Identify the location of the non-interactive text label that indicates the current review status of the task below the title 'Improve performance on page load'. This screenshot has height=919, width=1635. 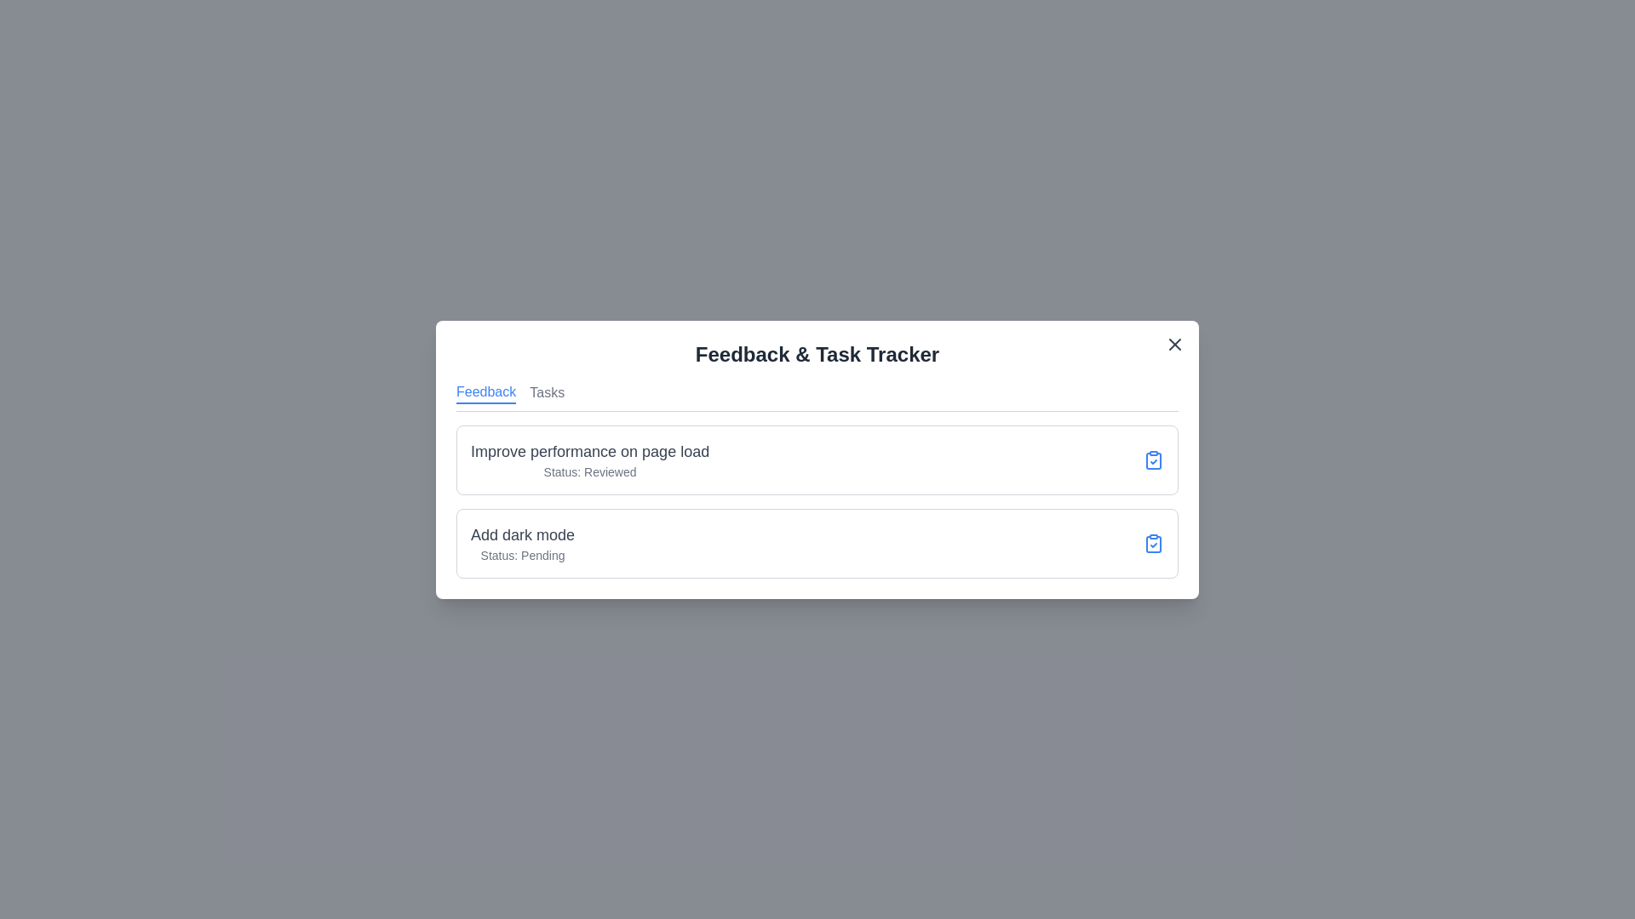
(590, 471).